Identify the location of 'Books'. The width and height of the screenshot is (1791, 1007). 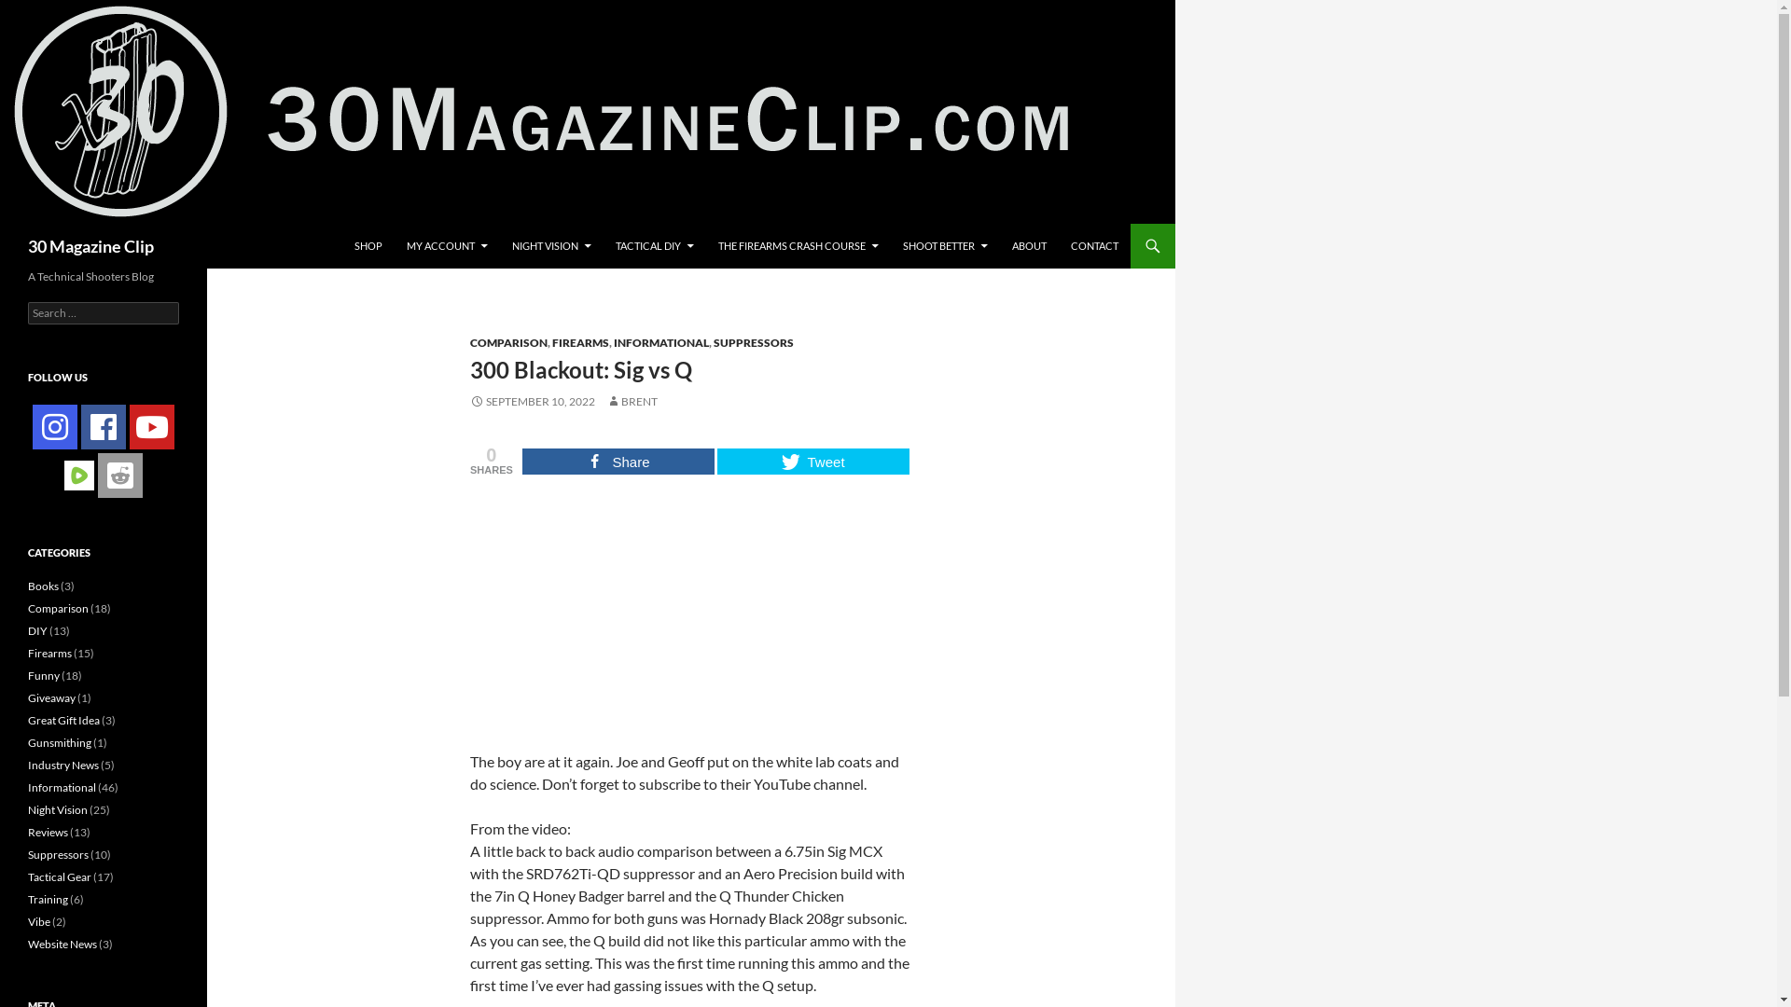
(43, 585).